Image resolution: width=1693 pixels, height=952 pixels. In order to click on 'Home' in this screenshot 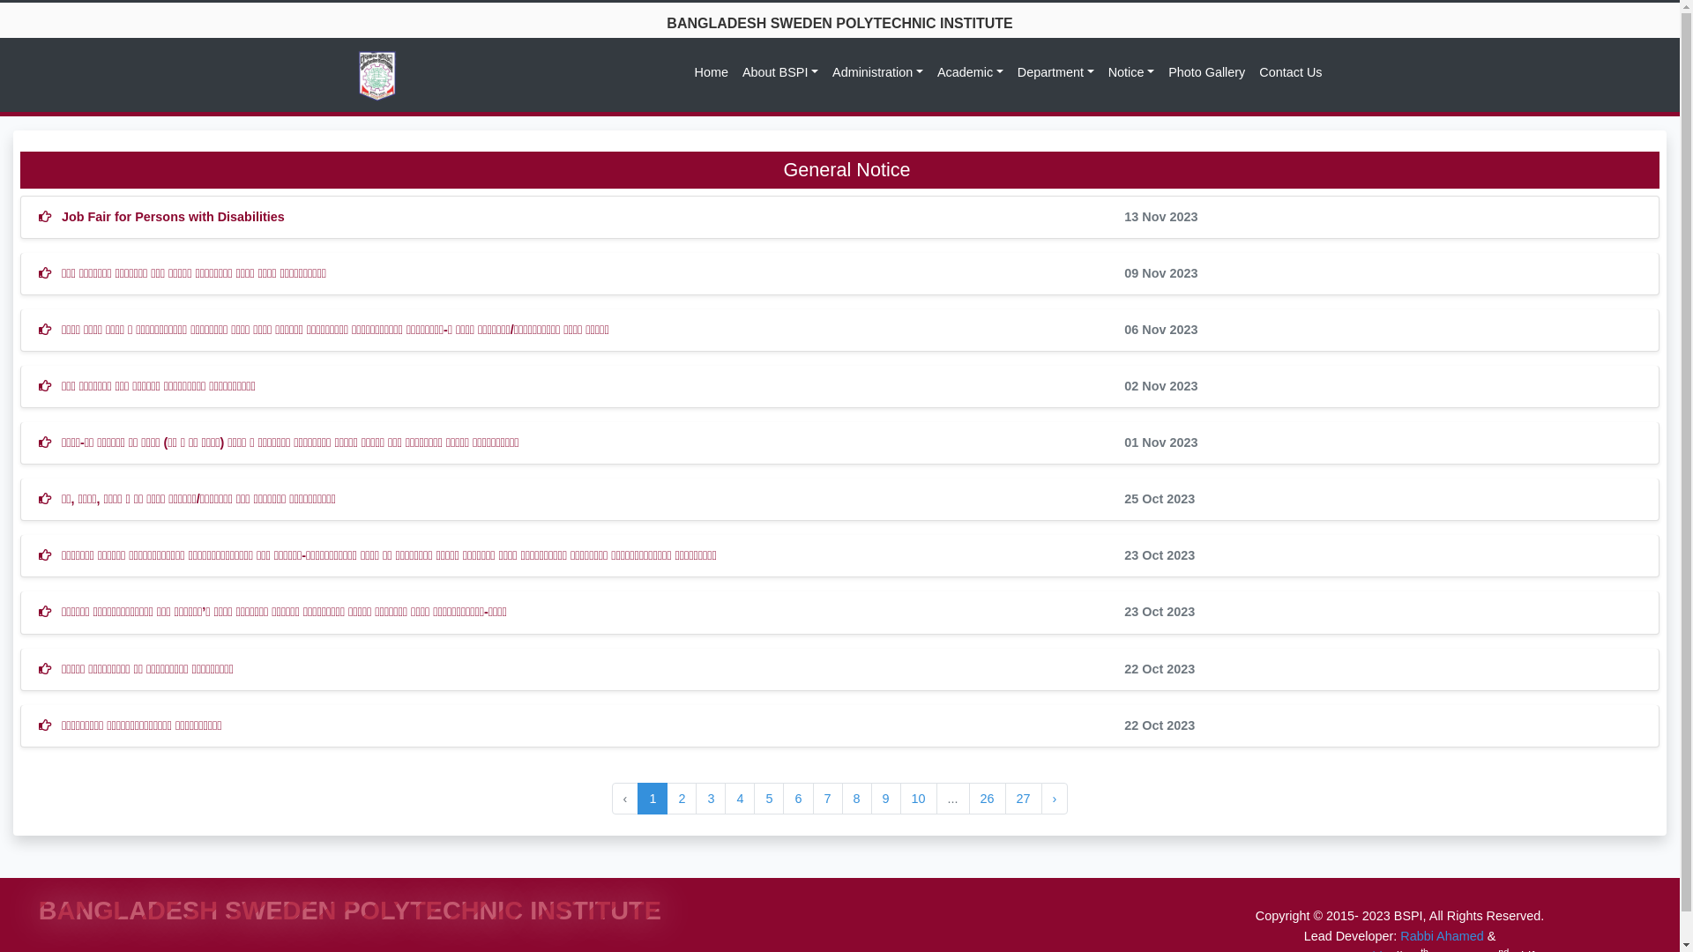, I will do `click(711, 71)`.